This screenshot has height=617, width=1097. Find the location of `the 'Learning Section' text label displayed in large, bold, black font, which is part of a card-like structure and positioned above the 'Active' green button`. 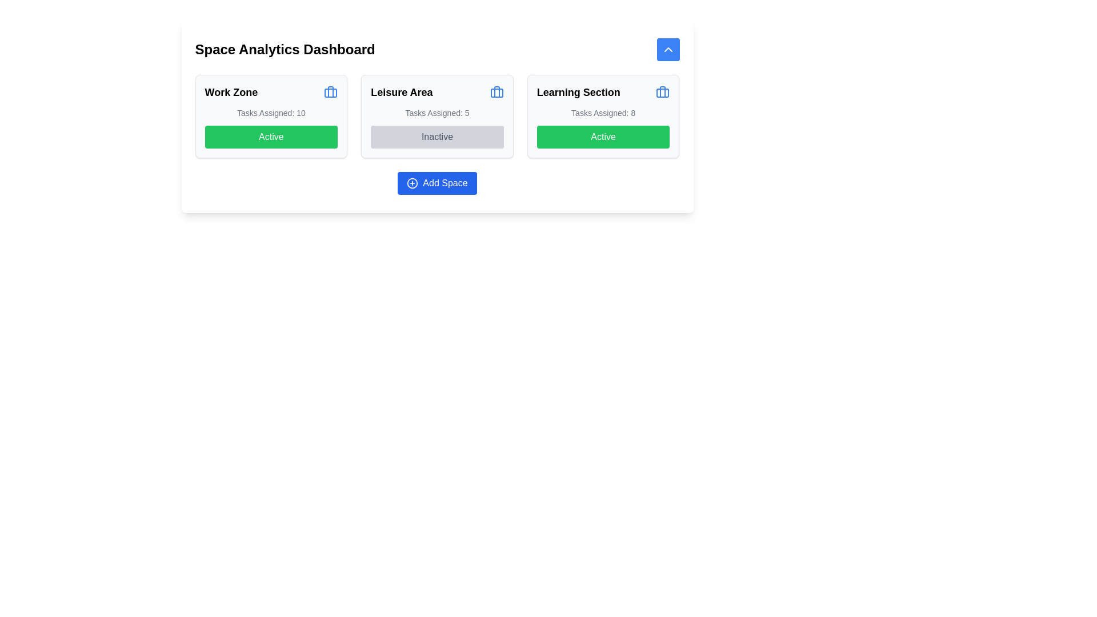

the 'Learning Section' text label displayed in large, bold, black font, which is part of a card-like structure and positioned above the 'Active' green button is located at coordinates (578, 92).